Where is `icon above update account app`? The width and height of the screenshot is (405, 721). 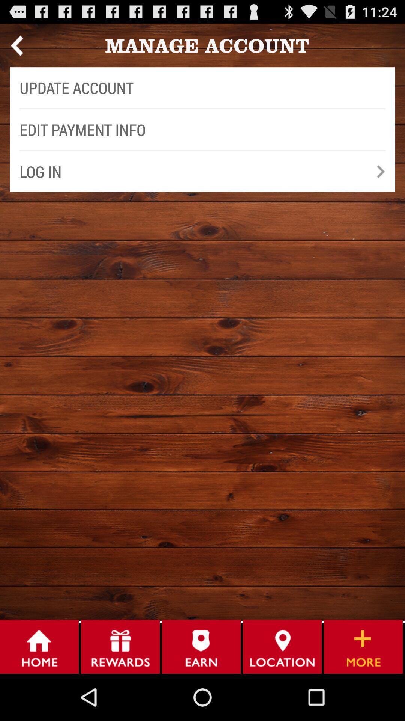
icon above update account app is located at coordinates (16, 45).